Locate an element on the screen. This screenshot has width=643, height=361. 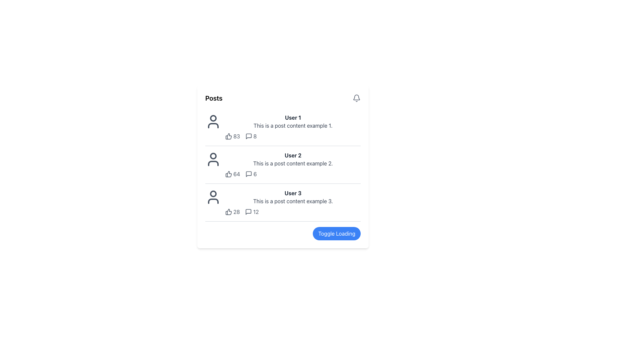
the first post display block in the feed, which includes the post author, content, likes, and comments, located below the 'Posts' header is located at coordinates (283, 127).